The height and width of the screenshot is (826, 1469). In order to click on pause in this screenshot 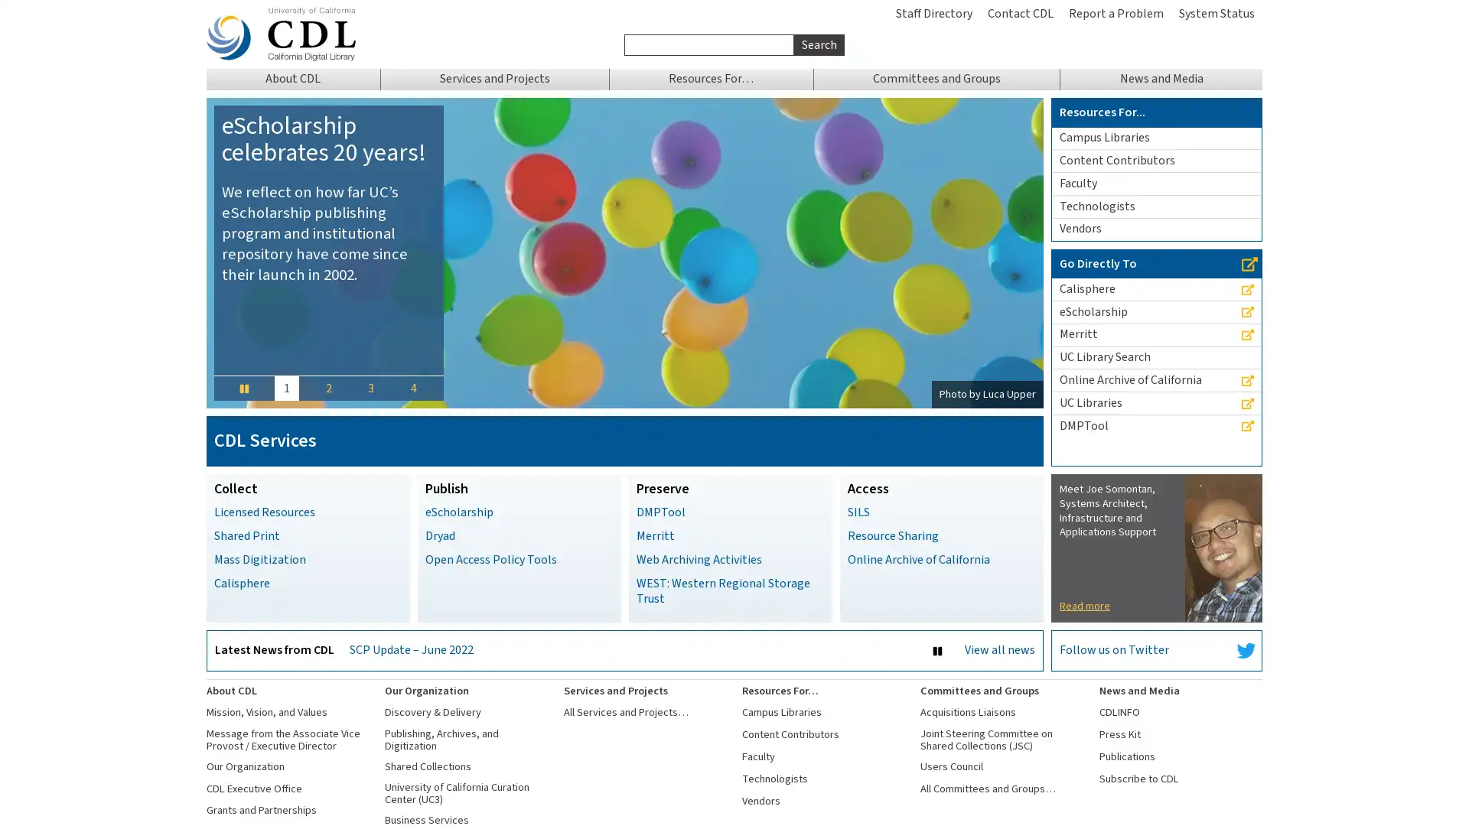, I will do `click(243, 386)`.